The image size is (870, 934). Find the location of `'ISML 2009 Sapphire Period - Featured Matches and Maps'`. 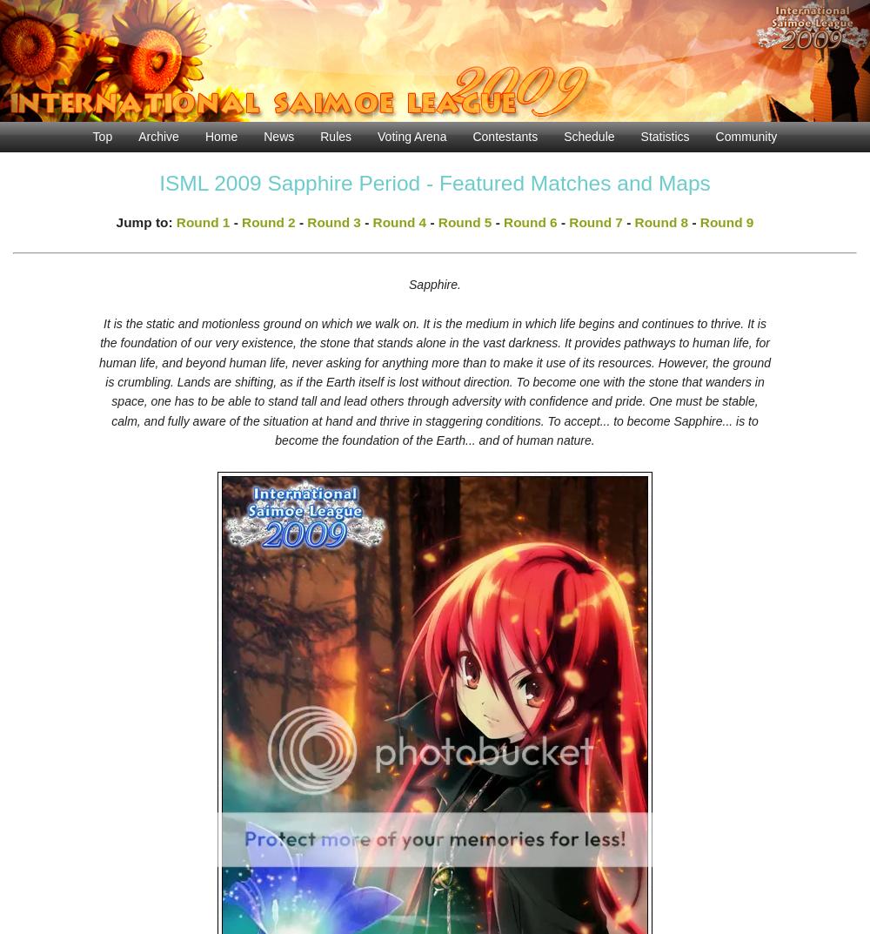

'ISML 2009 Sapphire Period - Featured Matches and Maps' is located at coordinates (433, 183).